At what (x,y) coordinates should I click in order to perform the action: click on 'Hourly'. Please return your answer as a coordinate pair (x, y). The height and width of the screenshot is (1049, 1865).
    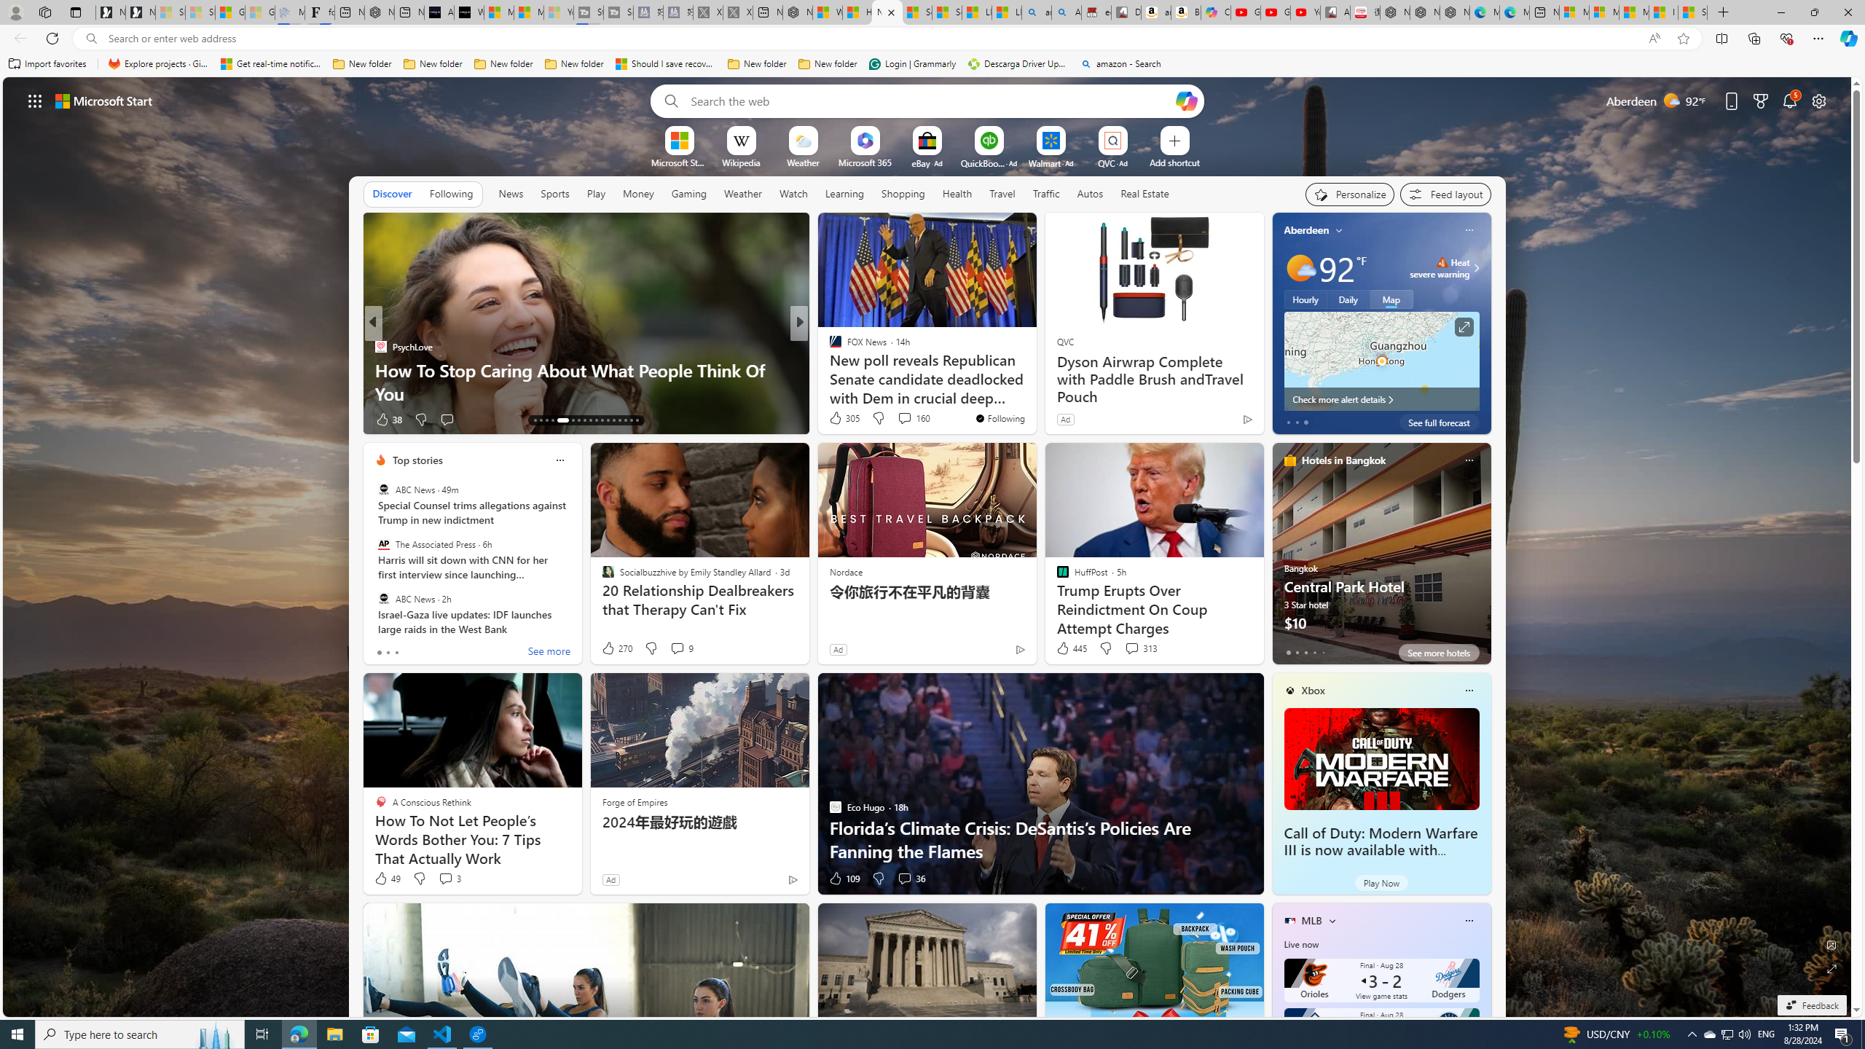
    Looking at the image, I should click on (1305, 298).